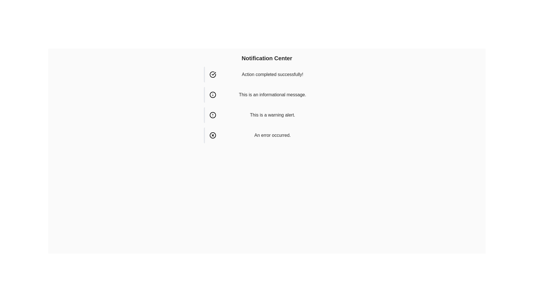 This screenshot has height=304, width=542. Describe the element at coordinates (266, 94) in the screenshot. I see `the second notification box, which has a pale blue background and contains the message 'This is an informational message.'` at that location.